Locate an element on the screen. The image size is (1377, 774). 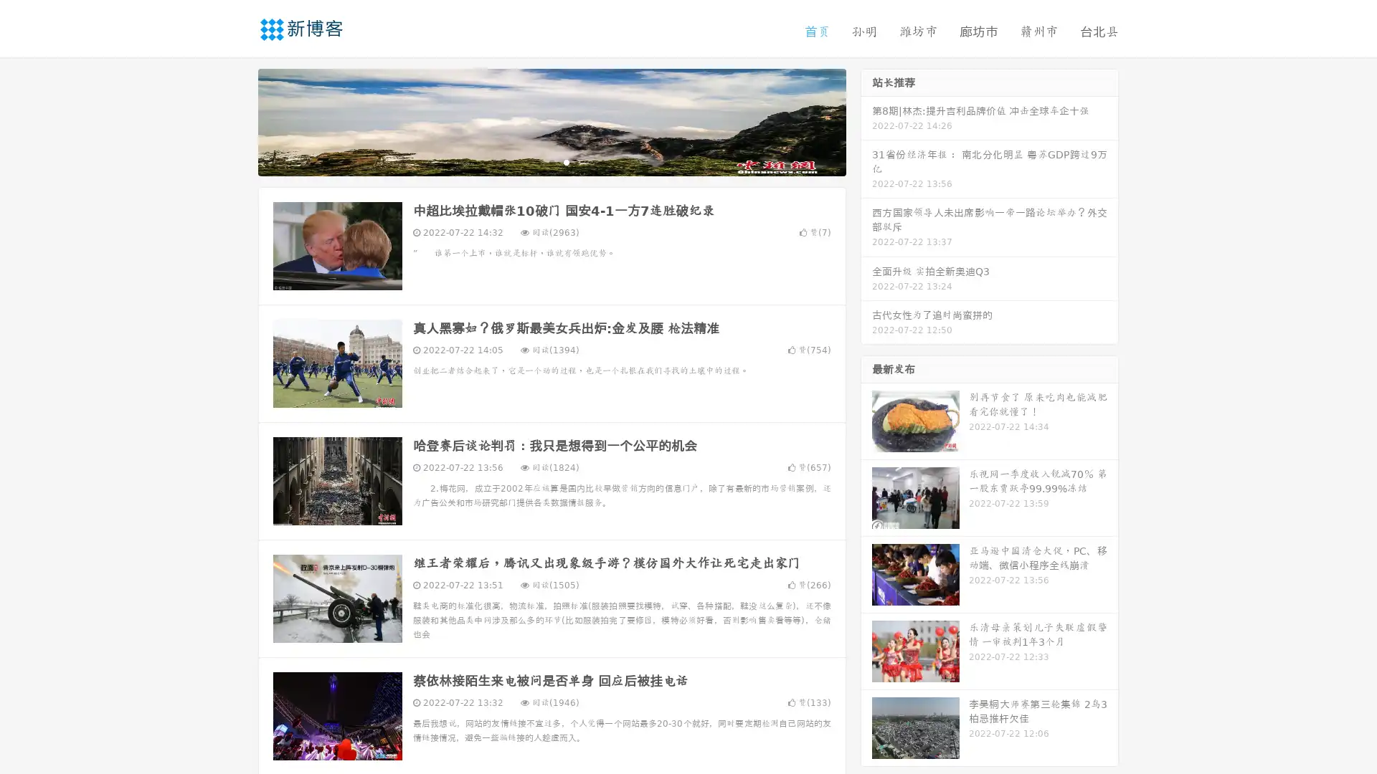
Go to slide 2 is located at coordinates (551, 161).